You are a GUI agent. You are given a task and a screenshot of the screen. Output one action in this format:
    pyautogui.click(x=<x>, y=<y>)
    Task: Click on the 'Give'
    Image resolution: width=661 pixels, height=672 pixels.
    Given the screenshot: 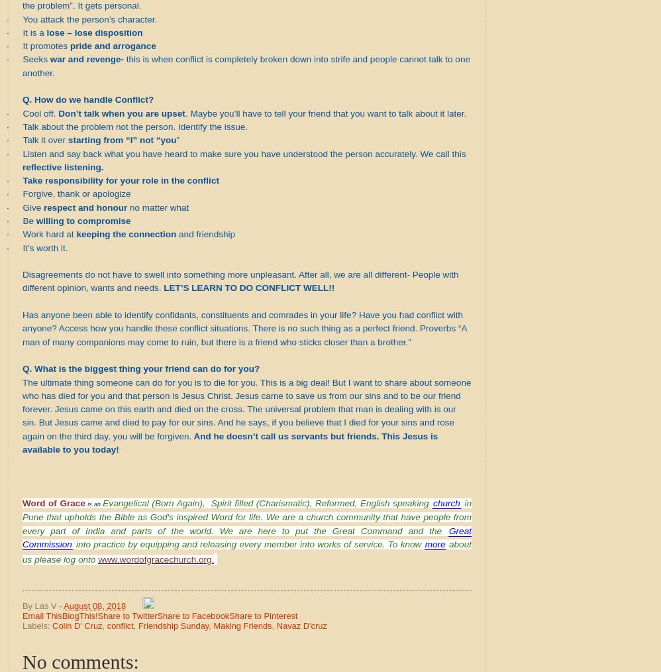 What is the action you would take?
    pyautogui.click(x=32, y=207)
    